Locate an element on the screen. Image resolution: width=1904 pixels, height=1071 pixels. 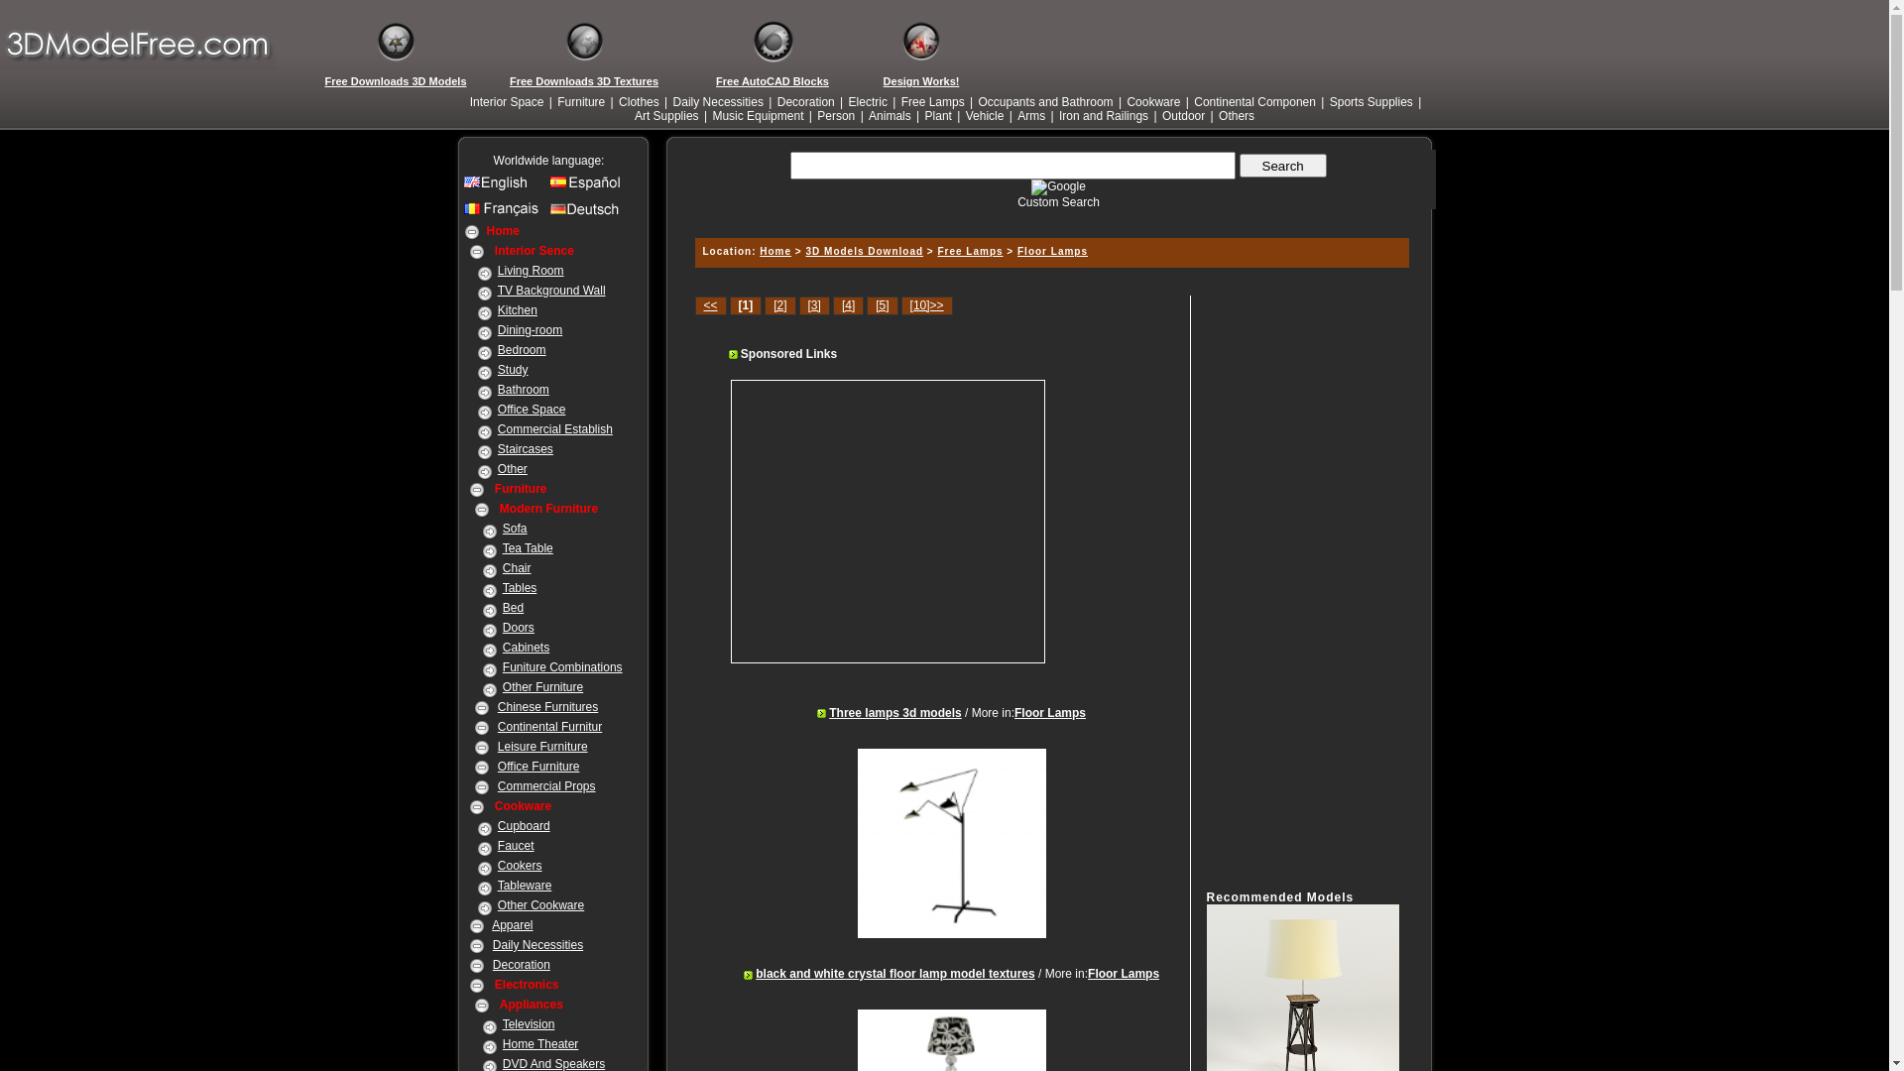
'Staircases' is located at coordinates (525, 448).